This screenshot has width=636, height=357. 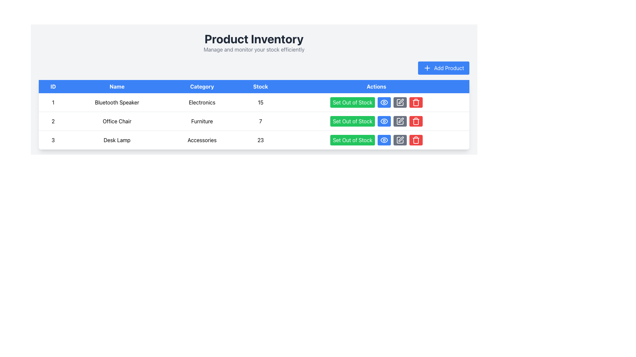 What do you see at coordinates (416, 102) in the screenshot?
I see `the delete button located in the action column of the data table, aligned with the 'Desk Lamp' item` at bounding box center [416, 102].